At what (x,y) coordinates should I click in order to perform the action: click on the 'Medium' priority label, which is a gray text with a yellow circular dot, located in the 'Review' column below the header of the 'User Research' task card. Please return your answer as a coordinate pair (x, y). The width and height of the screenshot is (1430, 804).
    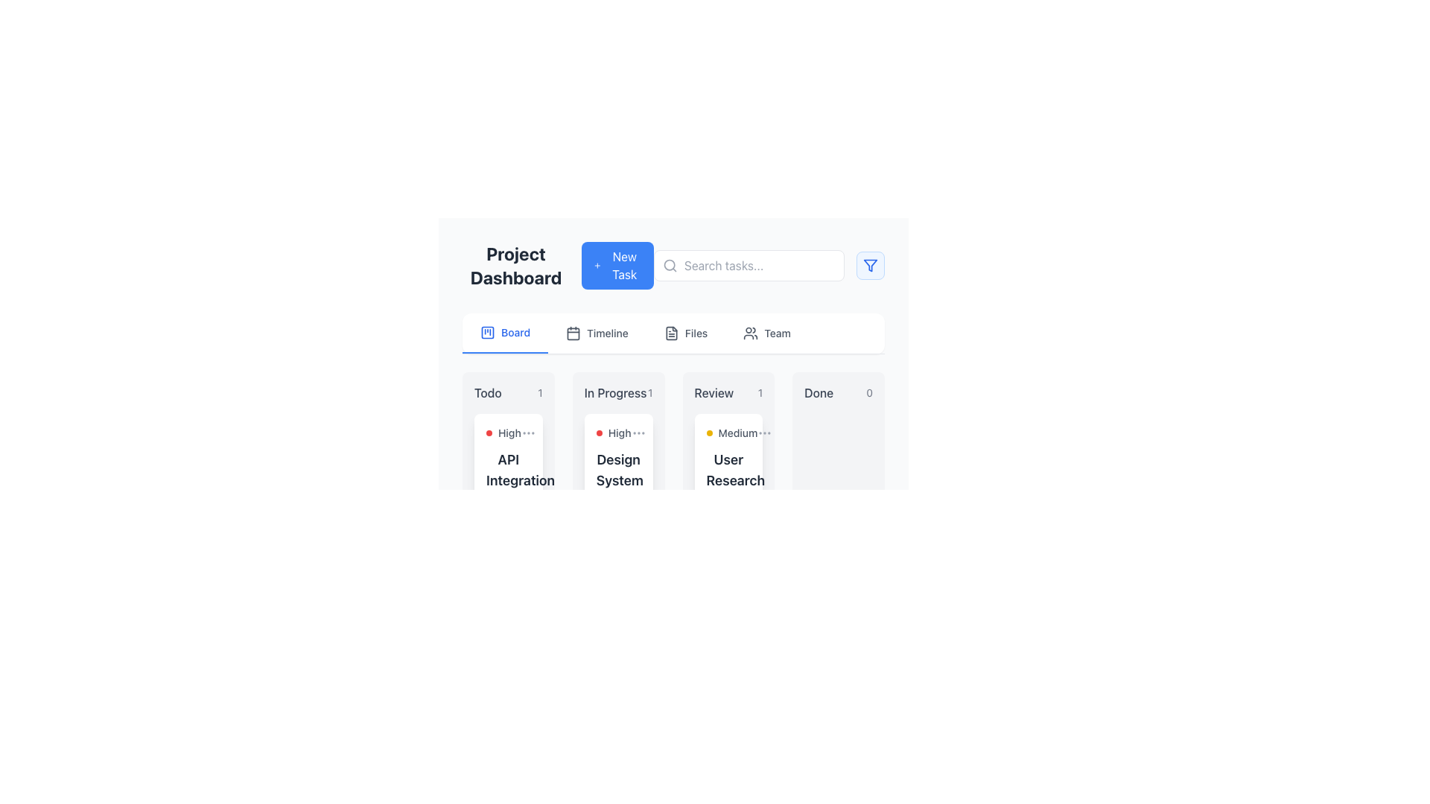
    Looking at the image, I should click on (732, 433).